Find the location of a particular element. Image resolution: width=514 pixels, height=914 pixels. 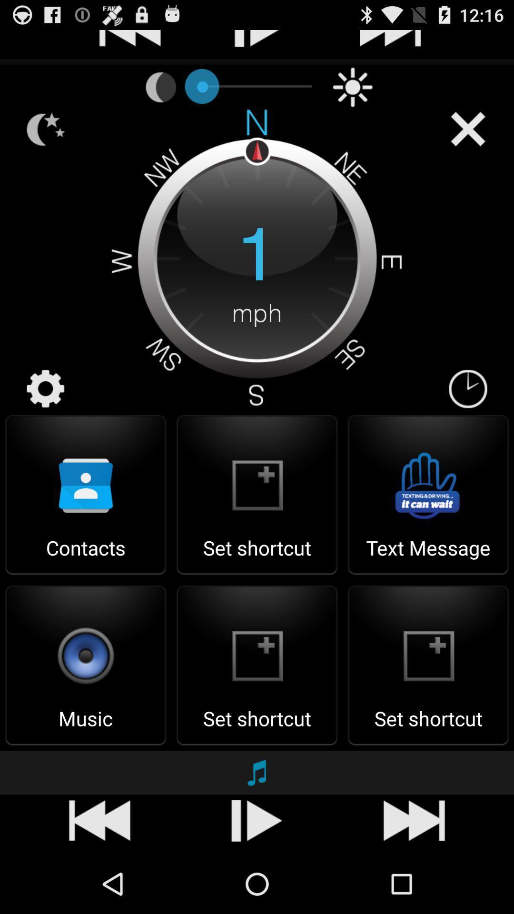

the skip_previous icon is located at coordinates (130, 877).